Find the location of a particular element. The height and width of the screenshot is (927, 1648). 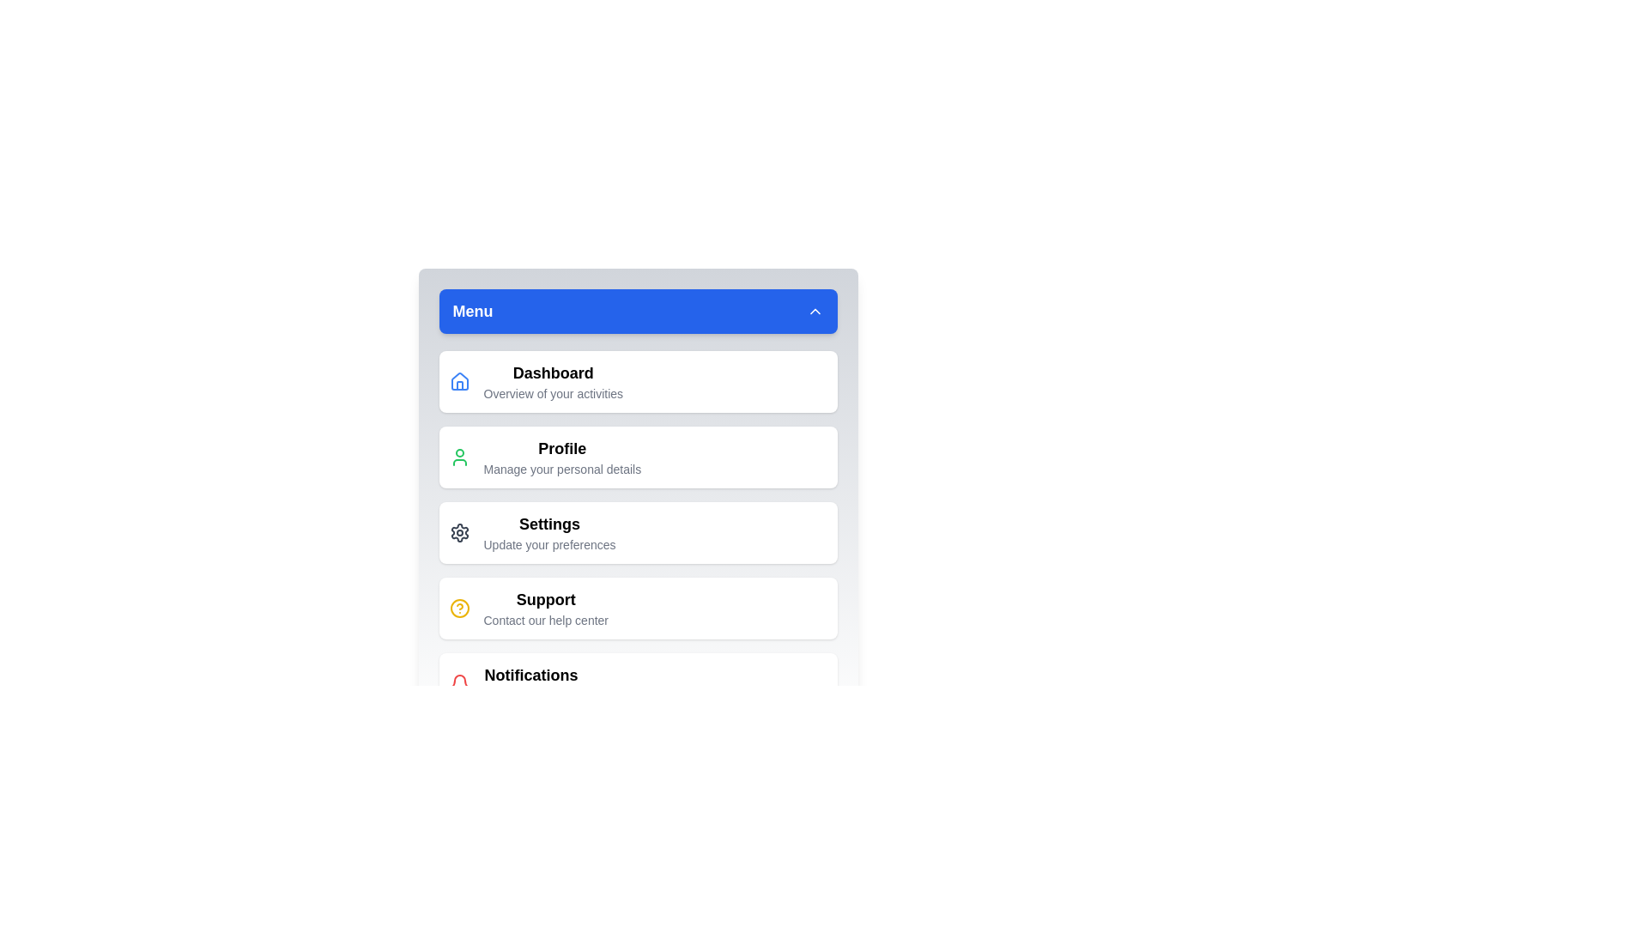

the 'Settings' icon located in the vertical navigation menu, which indicates access to configuration settings is located at coordinates (459, 532).